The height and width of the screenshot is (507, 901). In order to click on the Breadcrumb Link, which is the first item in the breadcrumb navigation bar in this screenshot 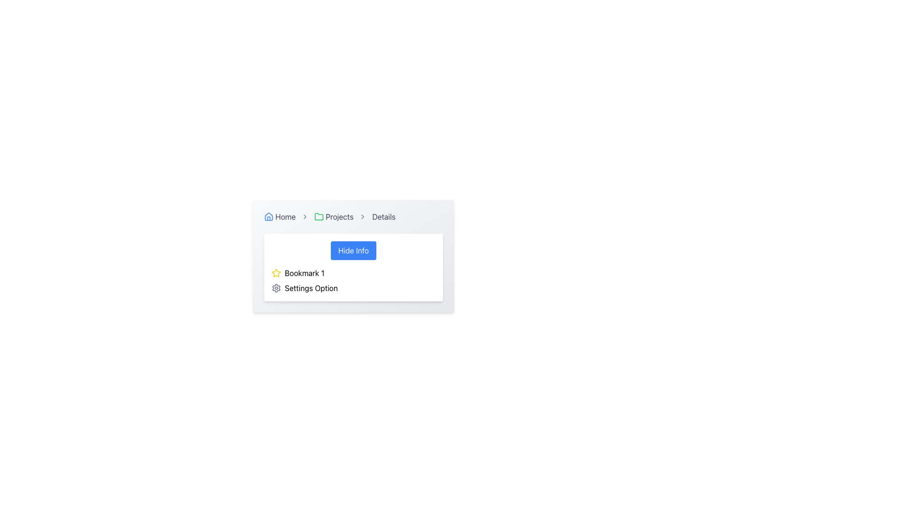, I will do `click(279, 217)`.